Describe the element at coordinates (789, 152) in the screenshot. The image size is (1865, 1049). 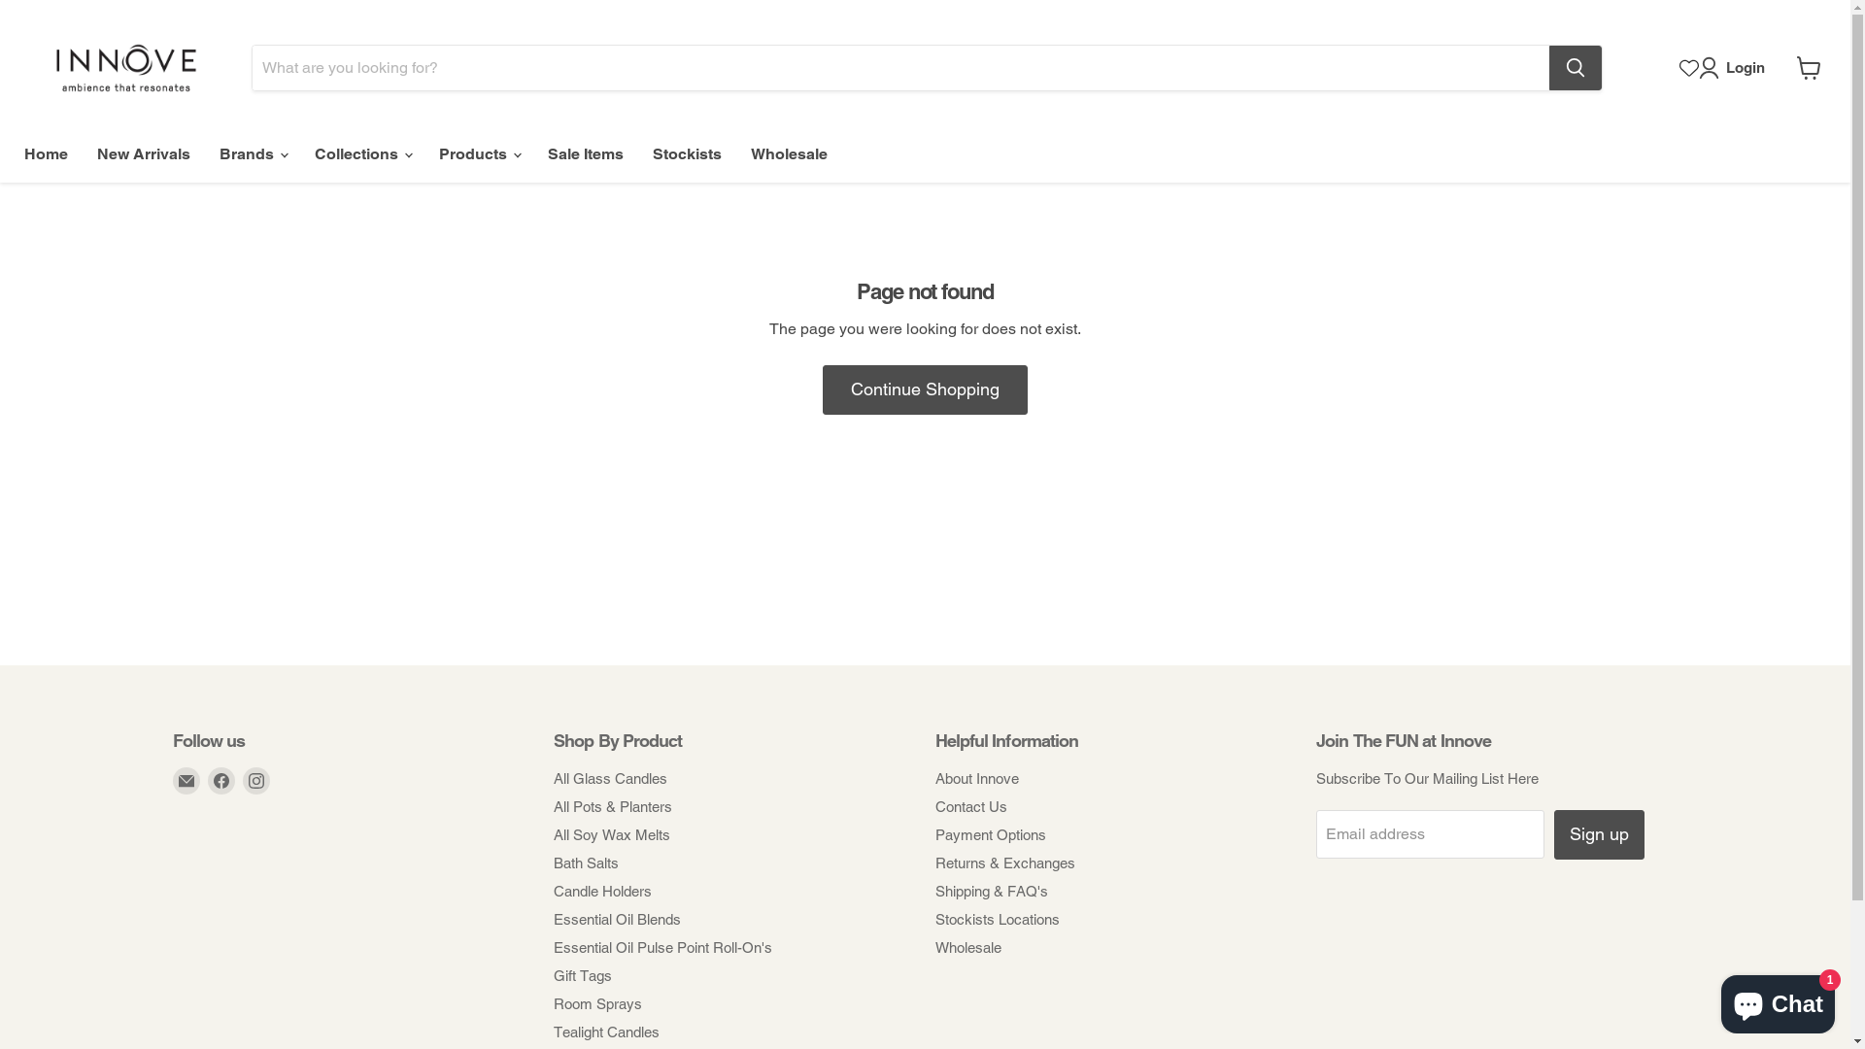
I see `'Wholesale'` at that location.